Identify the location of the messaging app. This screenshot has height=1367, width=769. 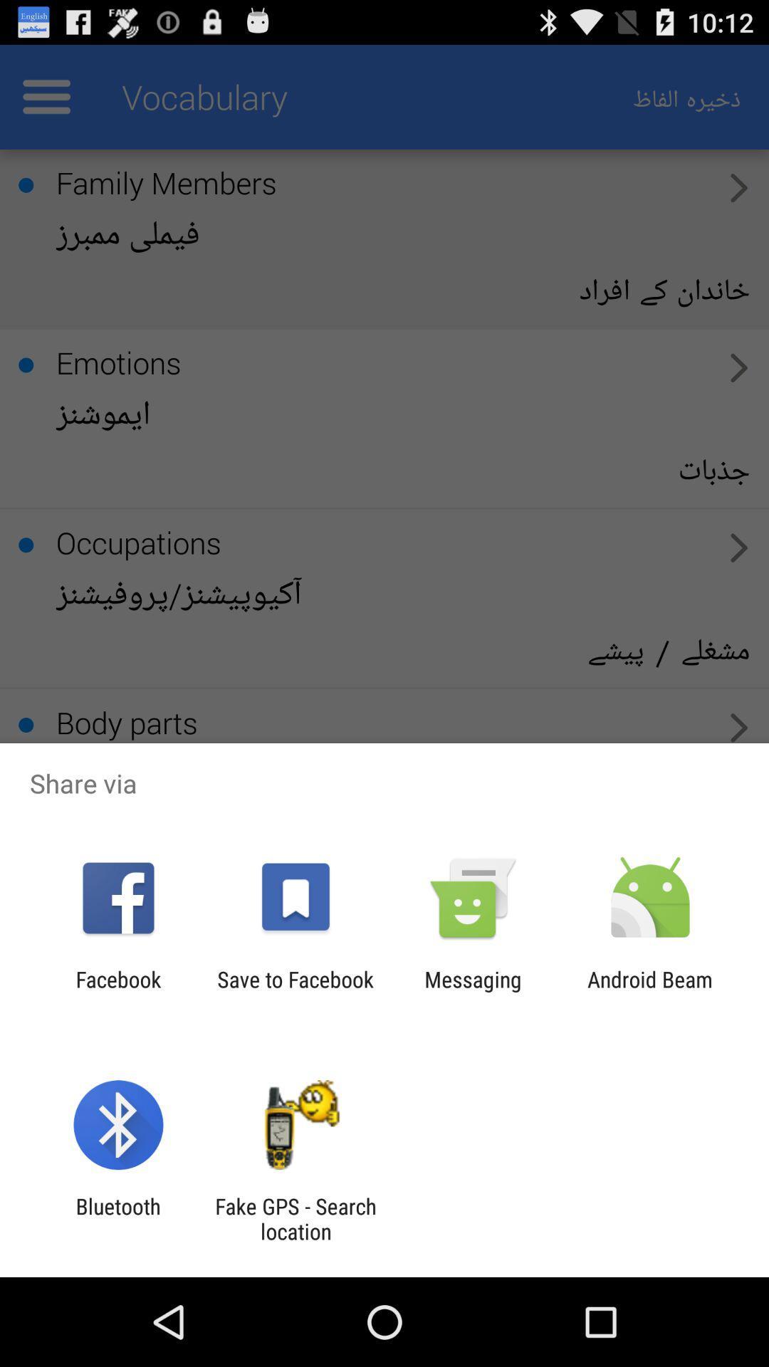
(473, 991).